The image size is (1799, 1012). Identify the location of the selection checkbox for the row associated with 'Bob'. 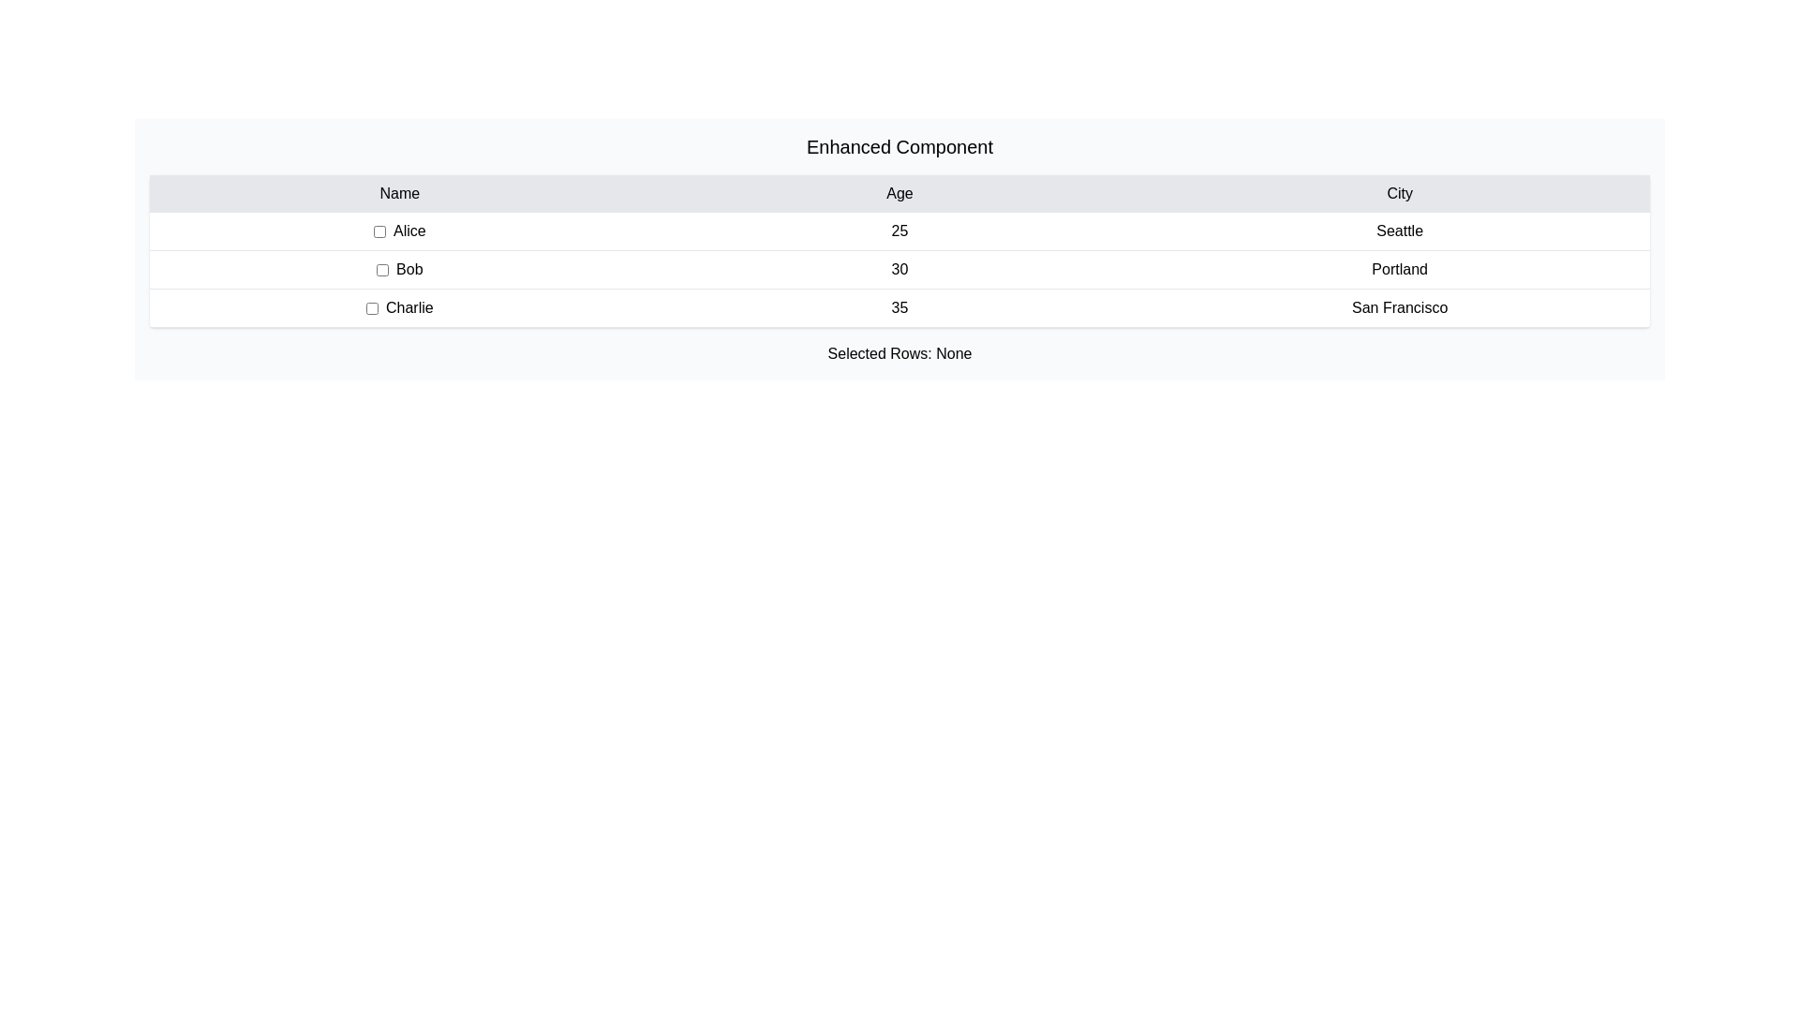
(398, 270).